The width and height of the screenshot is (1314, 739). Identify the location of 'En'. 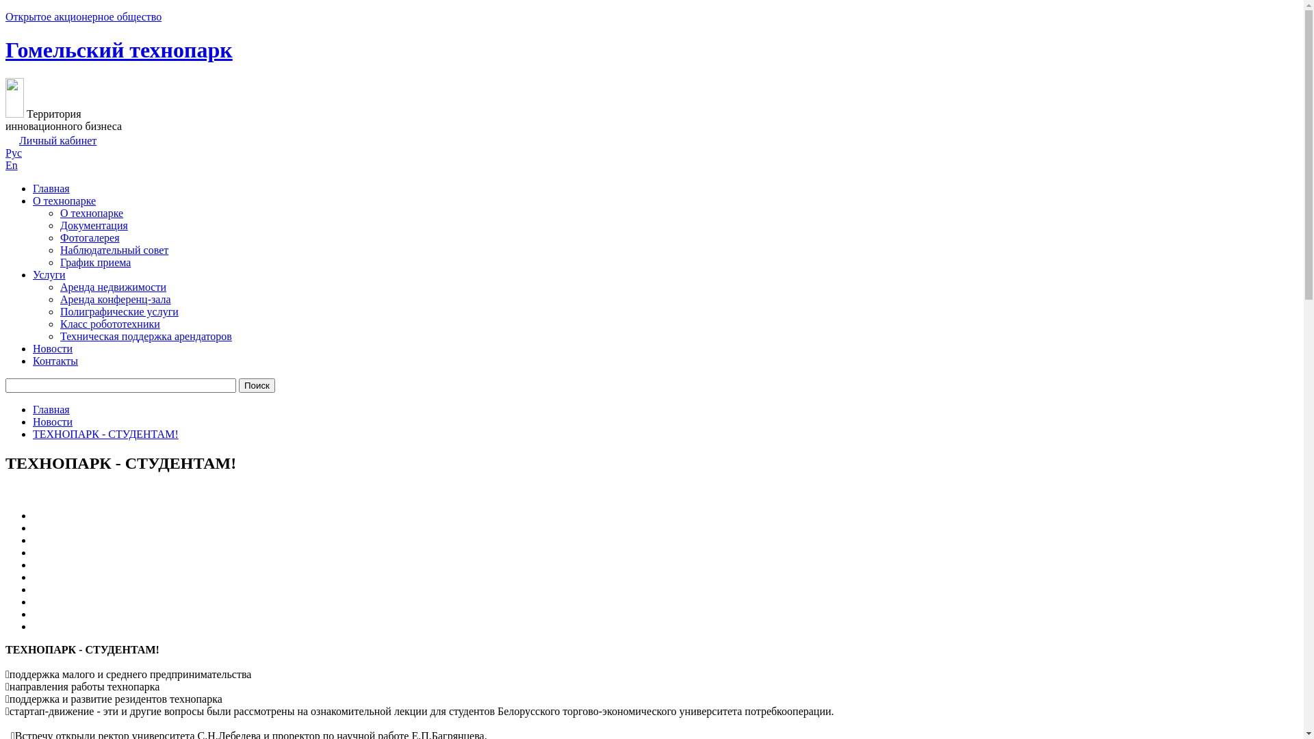
(12, 164).